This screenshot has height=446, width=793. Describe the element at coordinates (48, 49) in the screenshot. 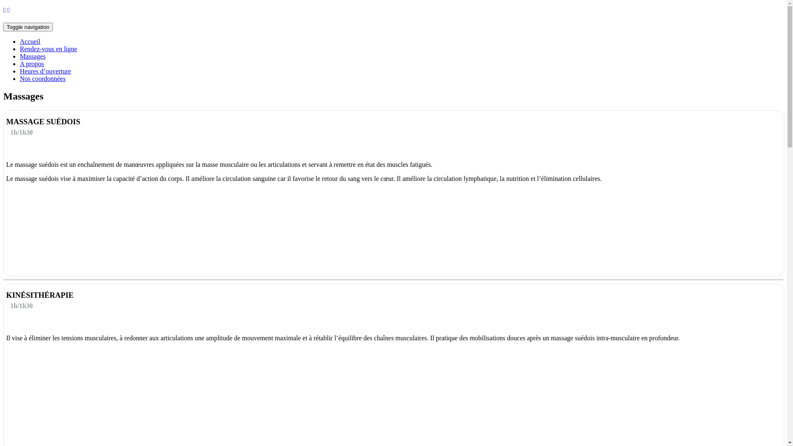

I see `'Rendez-vous en ligne'` at that location.